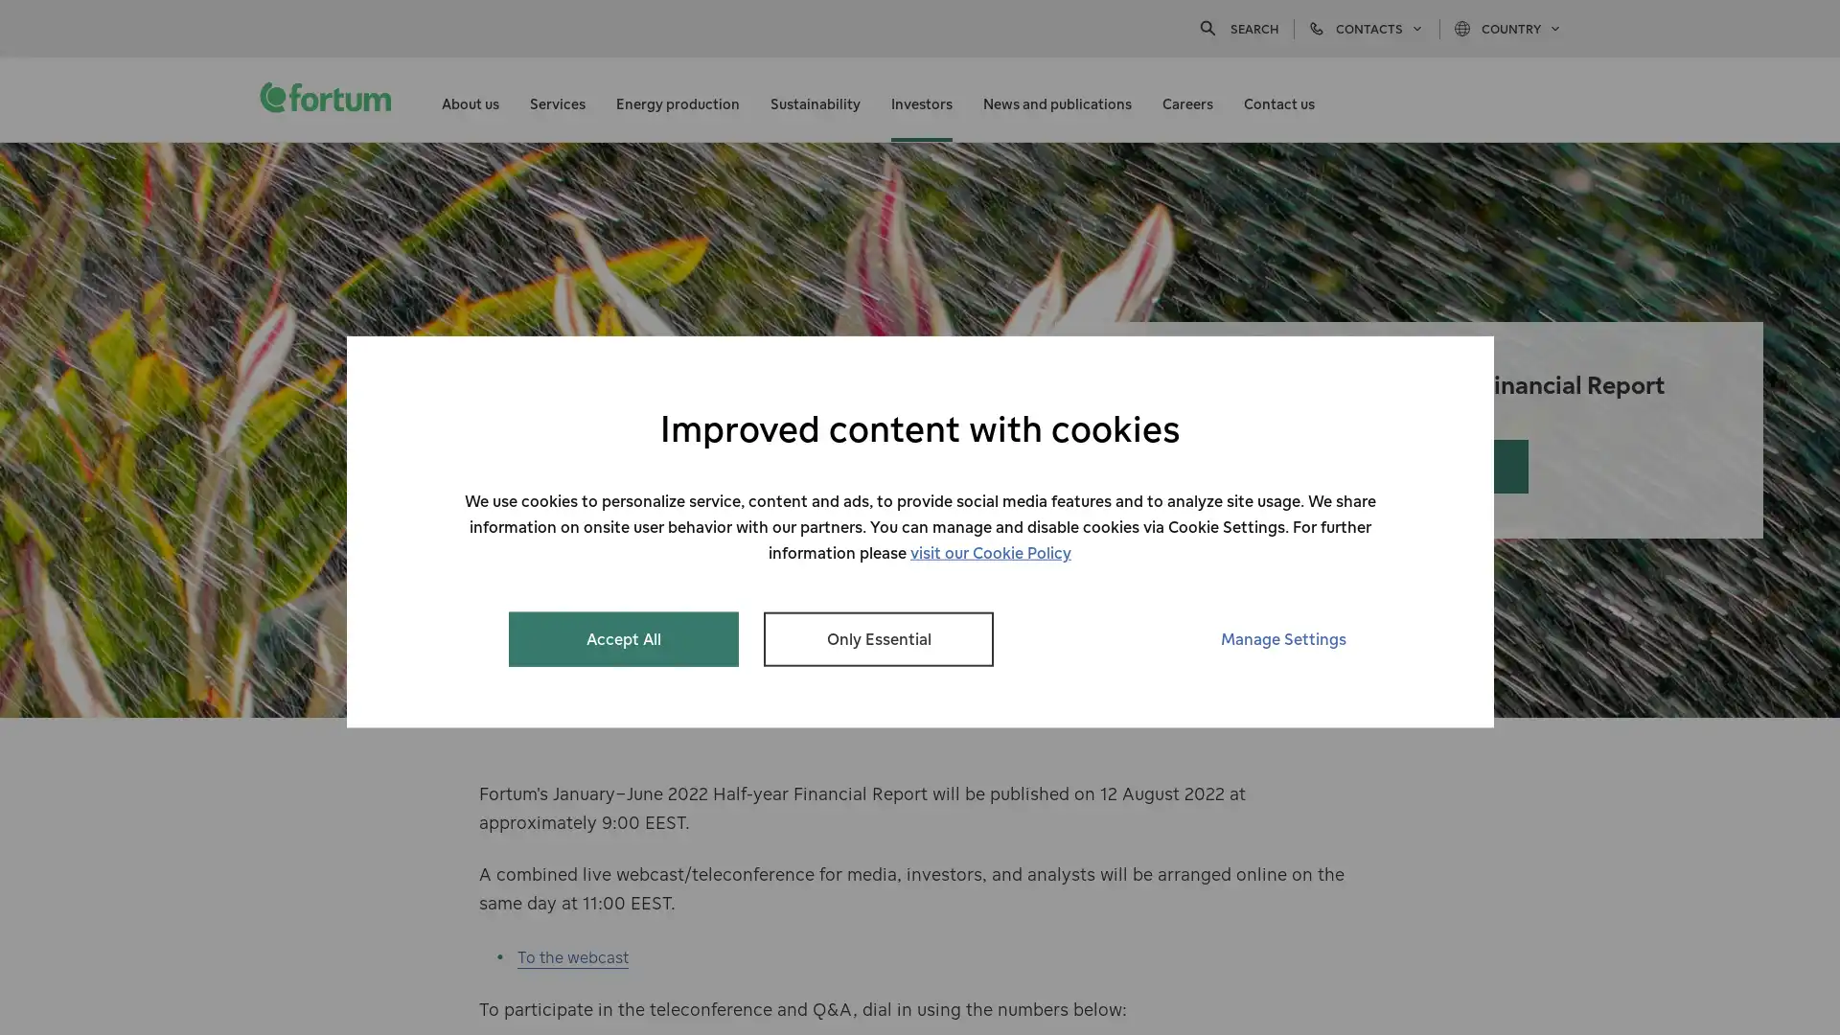 The image size is (1840, 1035). What do you see at coordinates (921, 100) in the screenshot?
I see `Investors` at bounding box center [921, 100].